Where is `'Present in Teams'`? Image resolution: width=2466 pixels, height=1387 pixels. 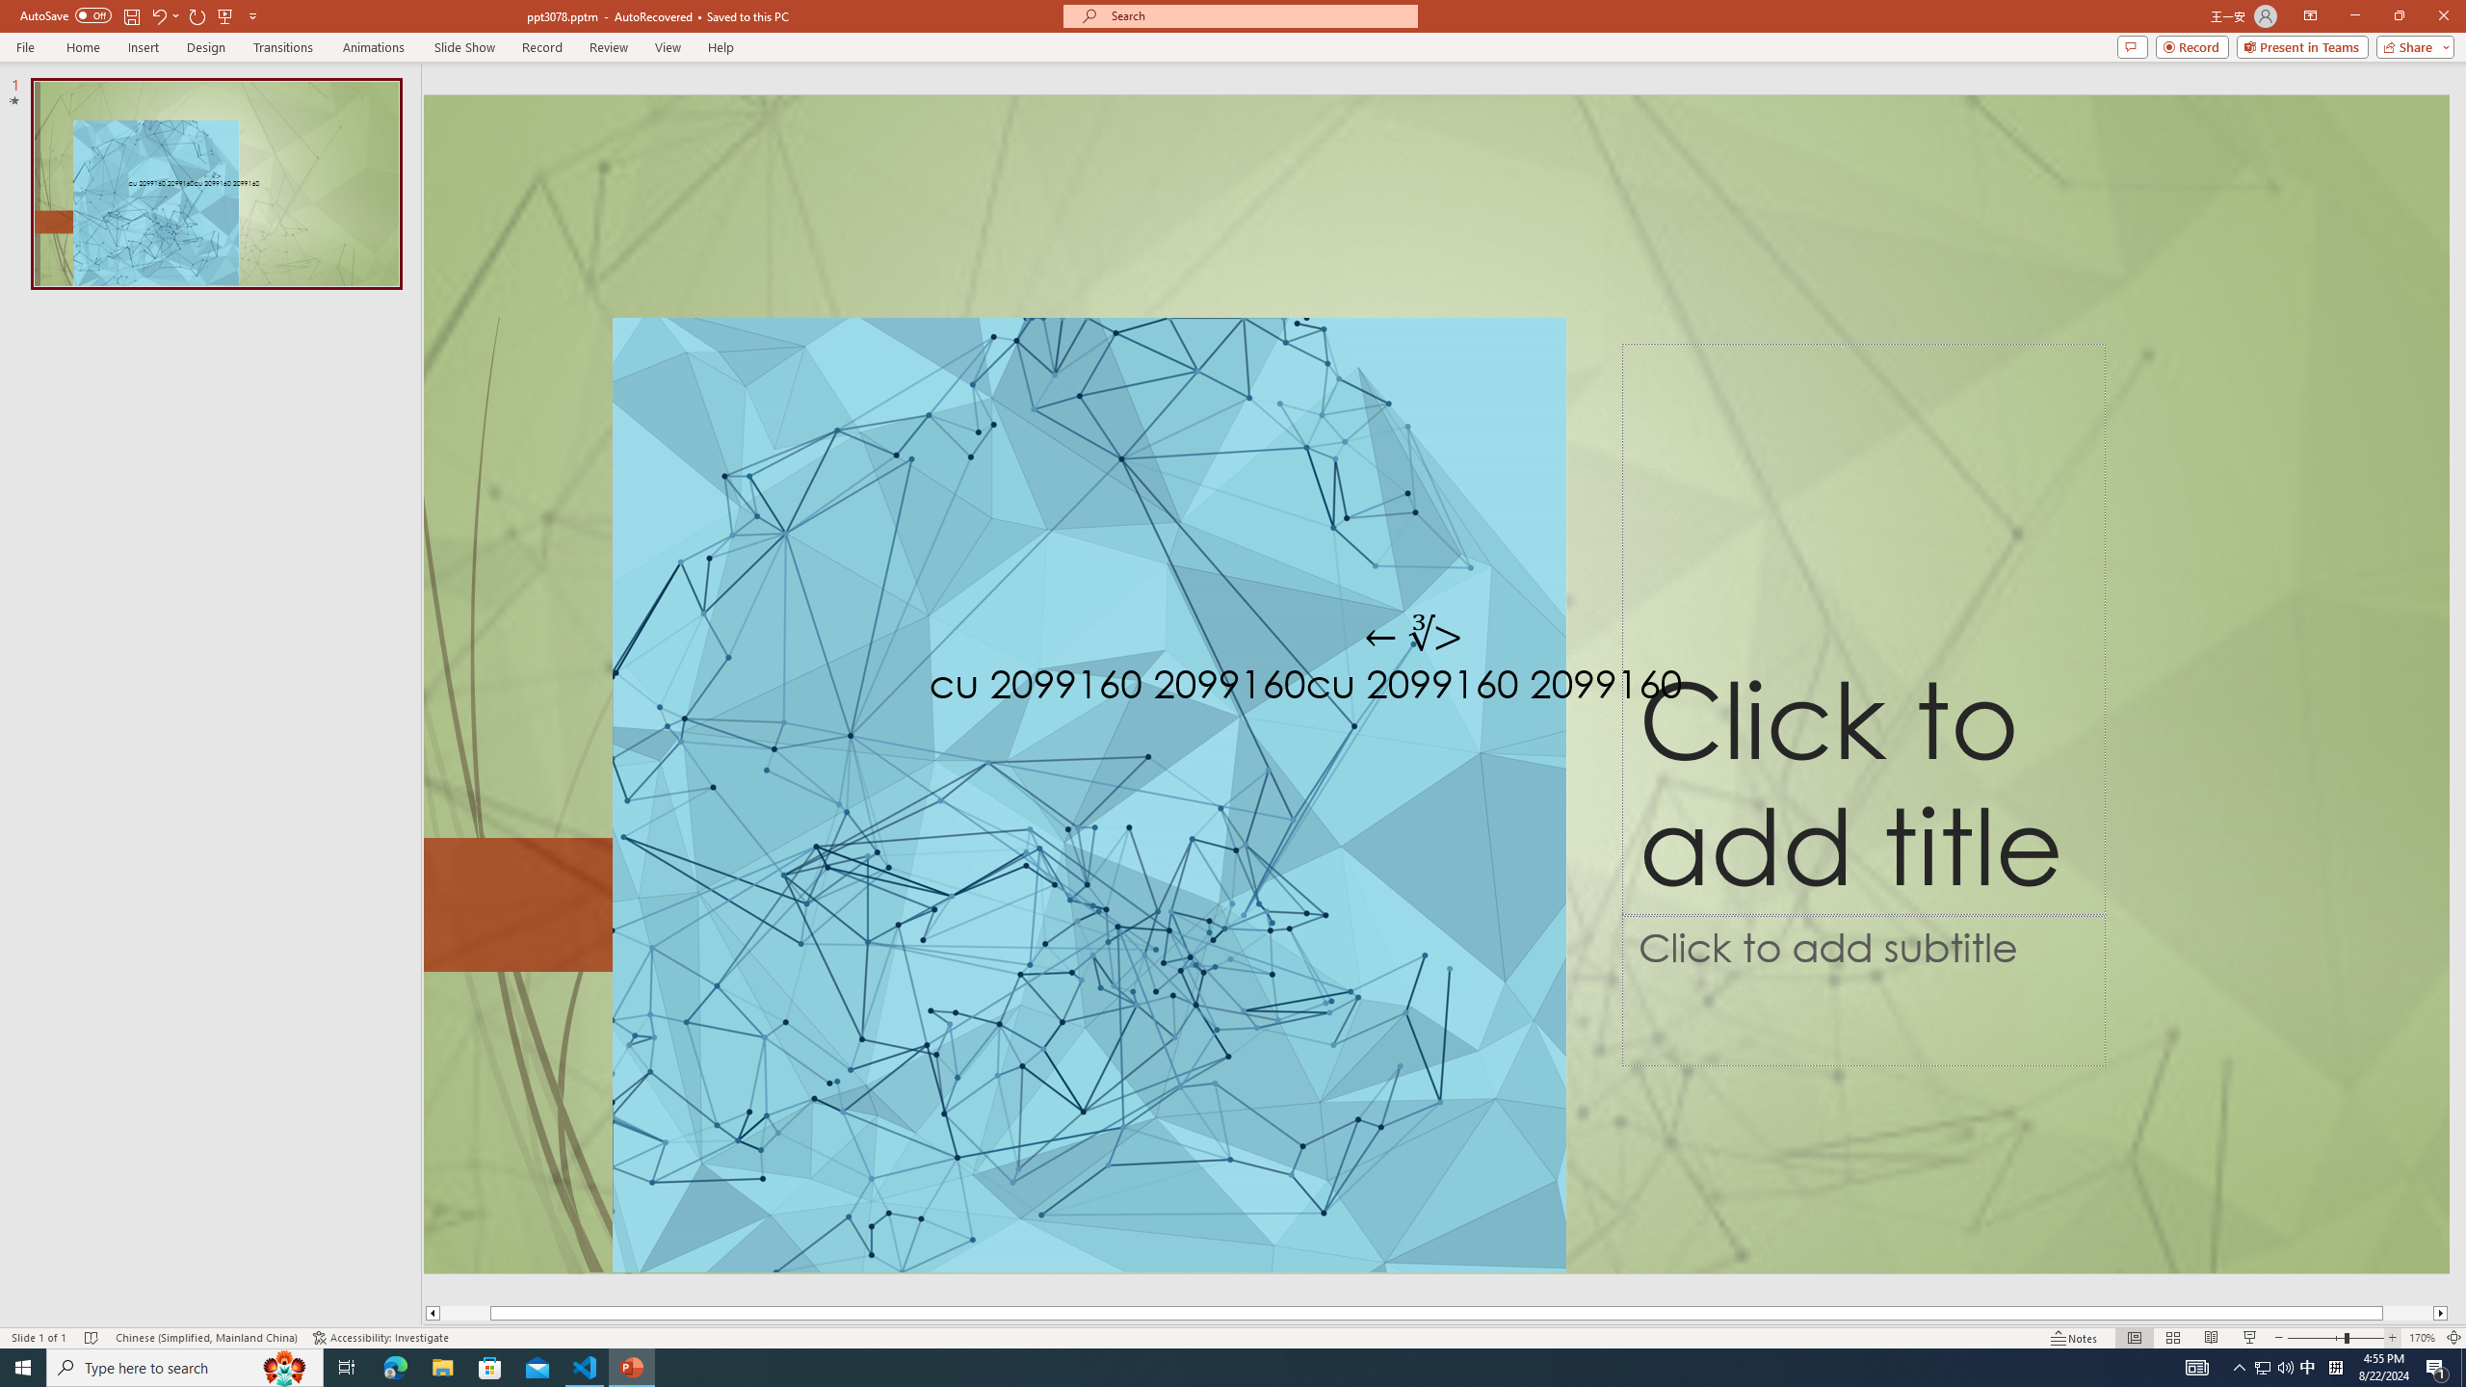 'Present in Teams' is located at coordinates (2302, 45).